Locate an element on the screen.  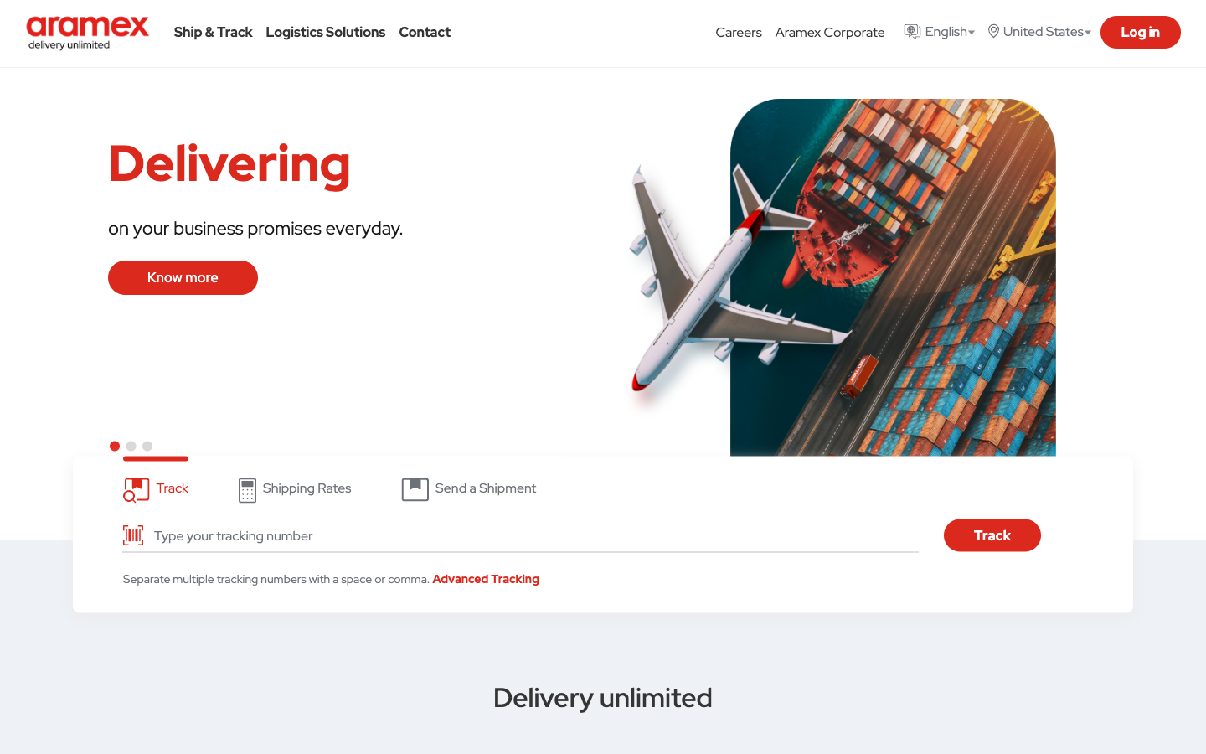
package tracing through the Advanced Tracking option is located at coordinates (486, 577).